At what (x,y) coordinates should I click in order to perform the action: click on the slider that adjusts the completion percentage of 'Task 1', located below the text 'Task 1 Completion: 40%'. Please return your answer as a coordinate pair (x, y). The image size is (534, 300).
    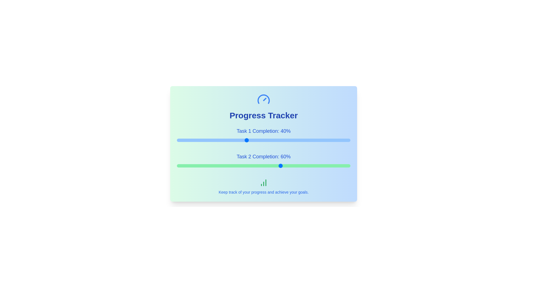
    Looking at the image, I should click on (263, 140).